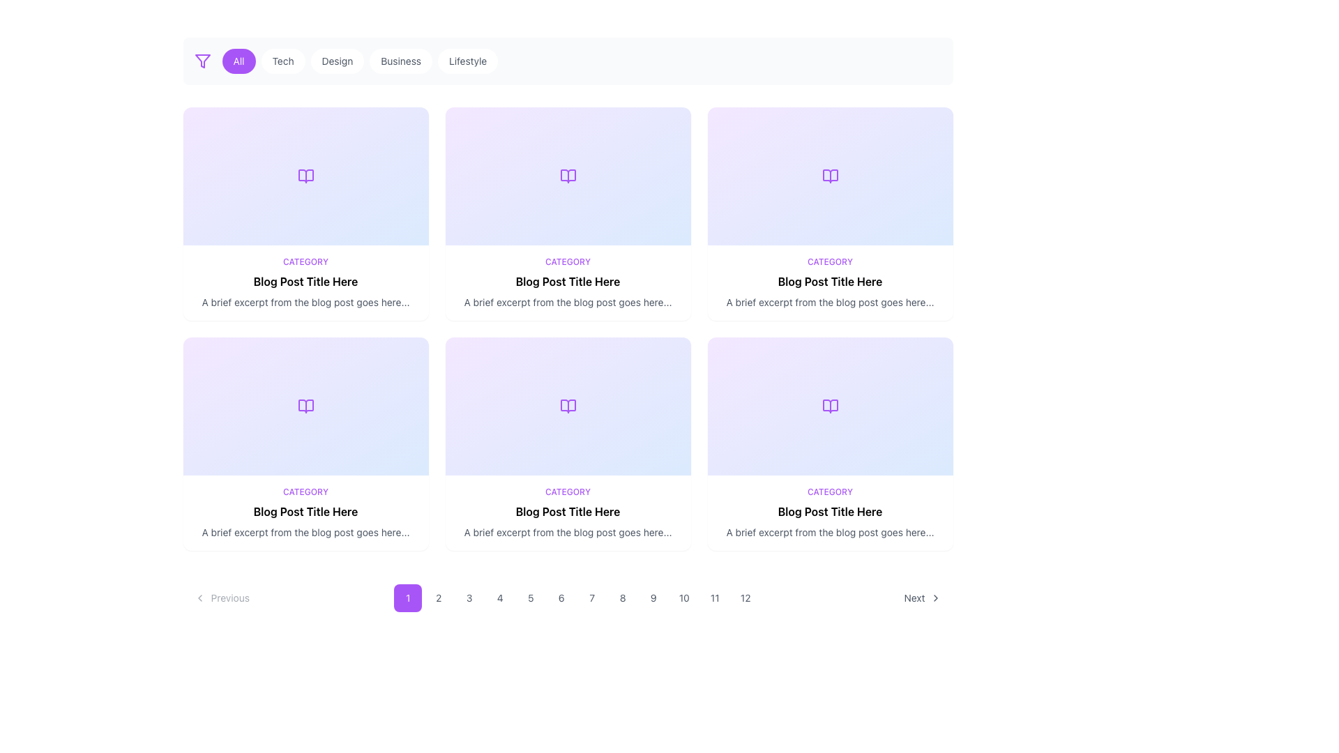  Describe the element at coordinates (577, 597) in the screenshot. I see `the seventh number in the numeric pagination component` at that location.